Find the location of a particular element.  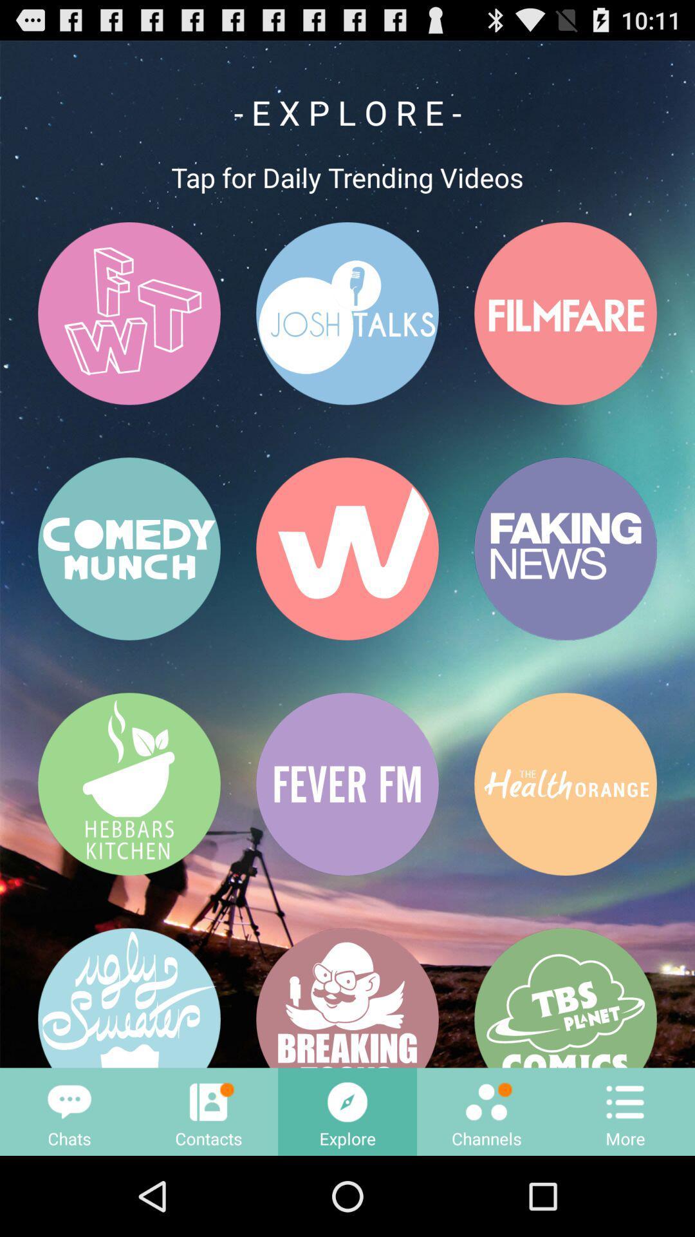

the first circular shaped image on the right side of the web page is located at coordinates (565, 313).